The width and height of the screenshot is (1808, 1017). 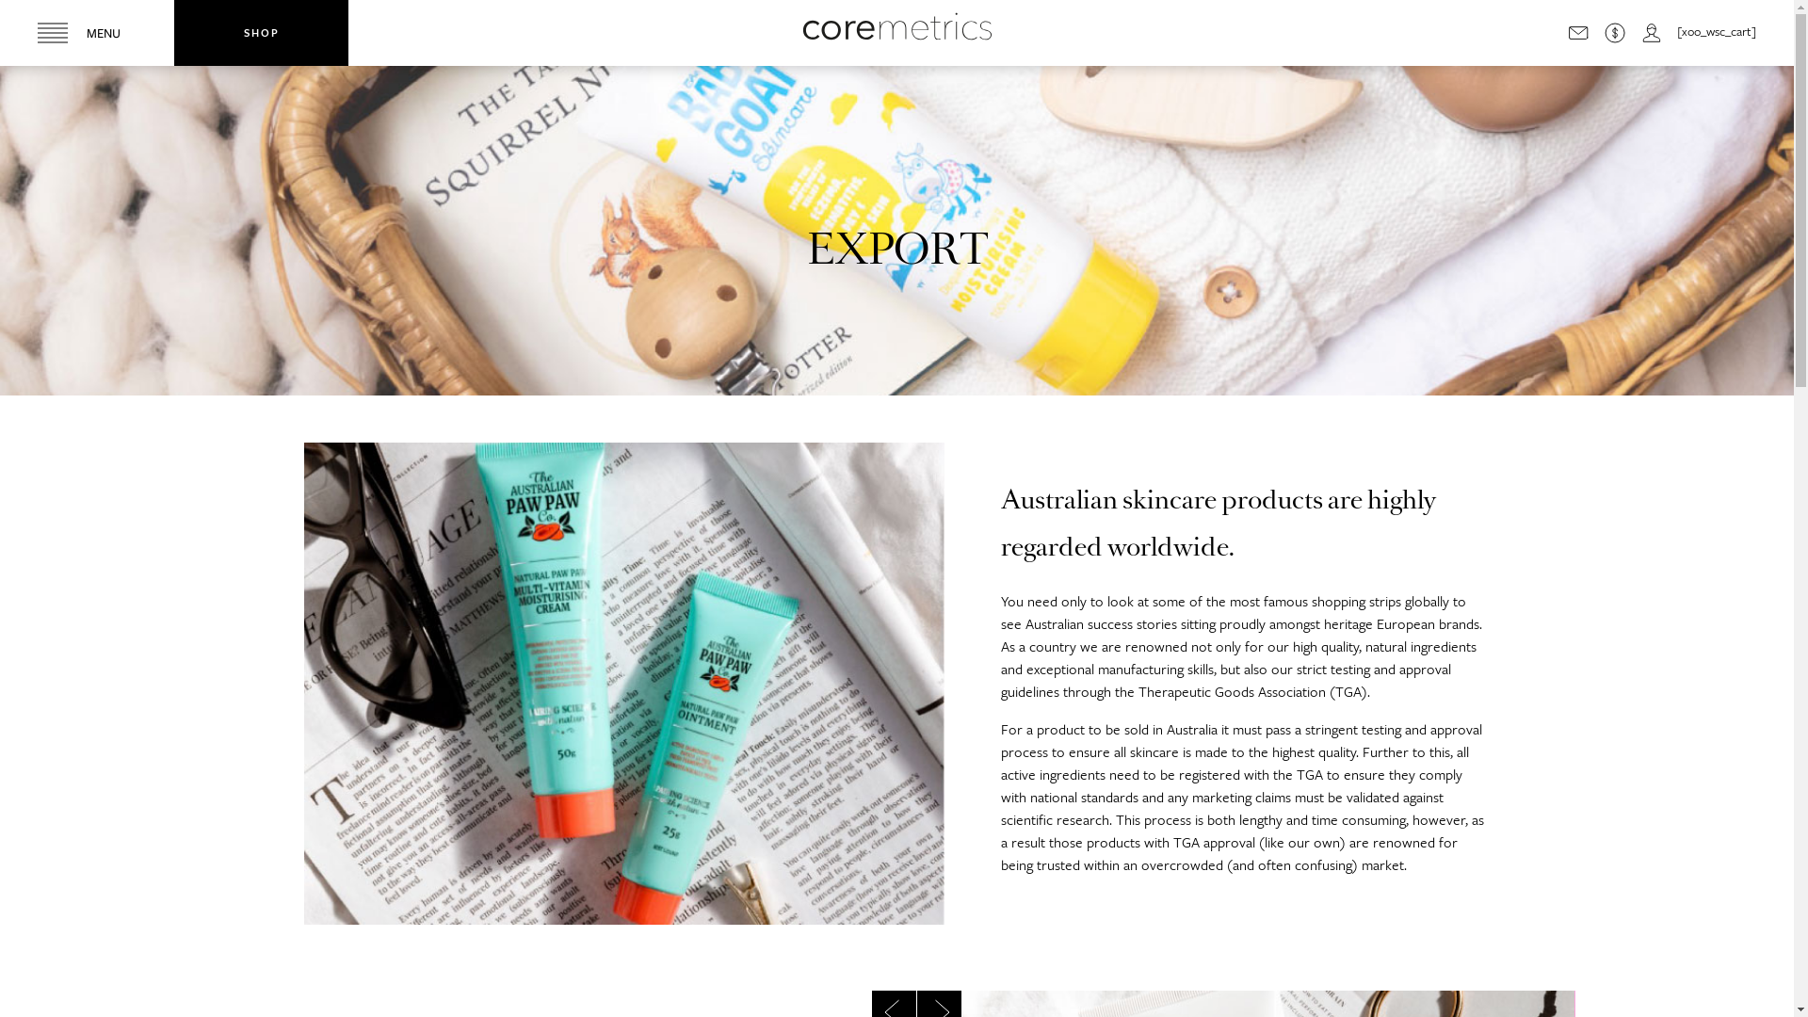 What do you see at coordinates (1603, 32) in the screenshot?
I see `'Money'` at bounding box center [1603, 32].